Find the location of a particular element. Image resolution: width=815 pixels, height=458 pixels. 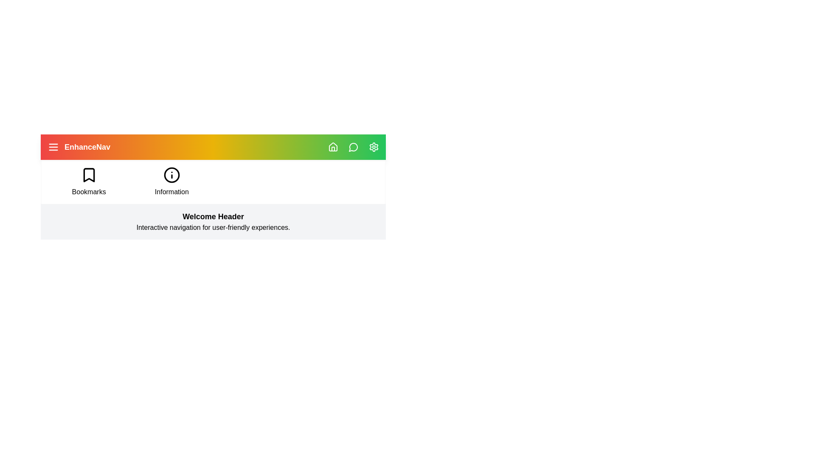

the navigation icon settings is located at coordinates (374, 147).